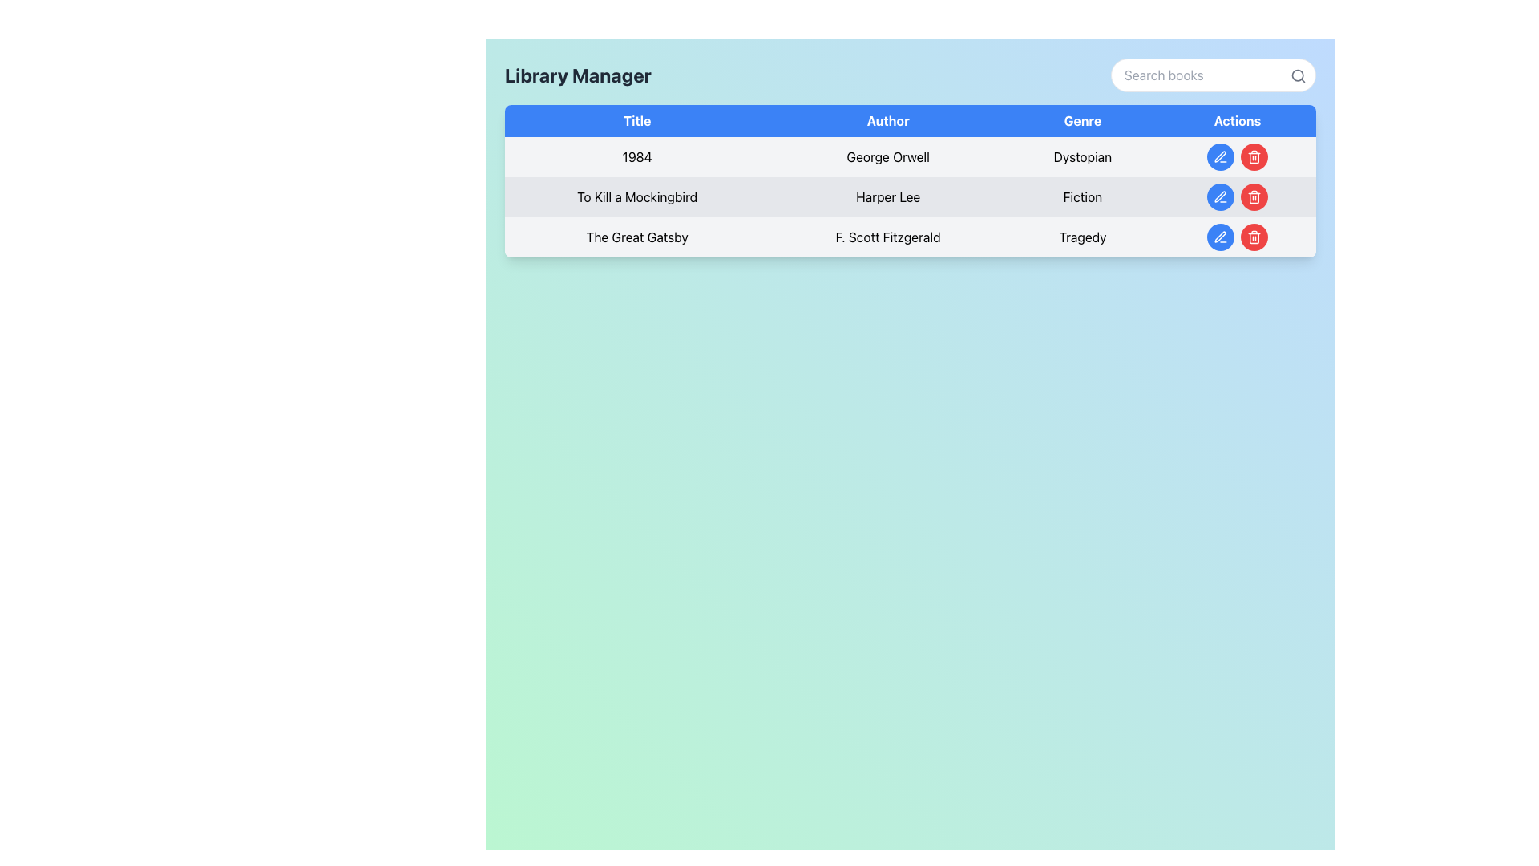 The width and height of the screenshot is (1539, 866). I want to click on the author's name display for the book '1984' in the second column of the data table labeled 'Author', so click(887, 157).